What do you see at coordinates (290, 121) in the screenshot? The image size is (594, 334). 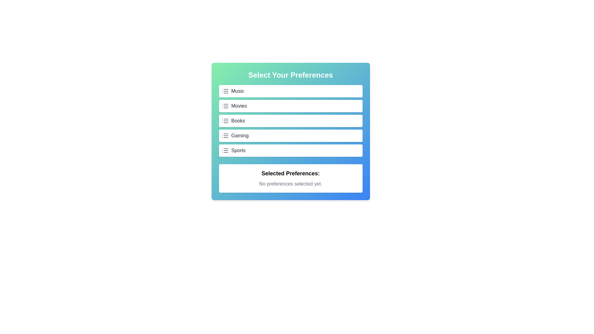 I see `the 'Books' selectable option card, which is the third item in a vertical list of options including Music, Movies, Gaming, and Sports` at bounding box center [290, 121].